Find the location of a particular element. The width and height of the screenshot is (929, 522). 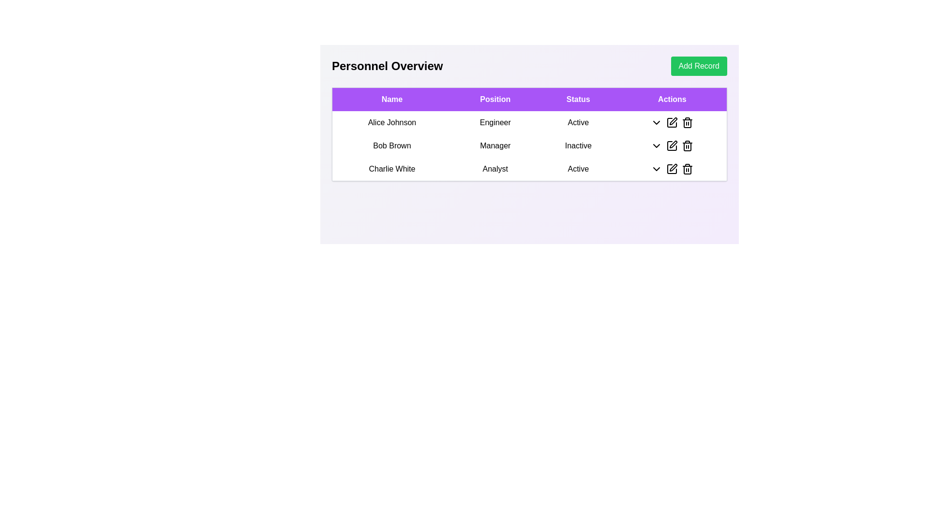

the delete button in the 'Actions' column is located at coordinates (687, 145).